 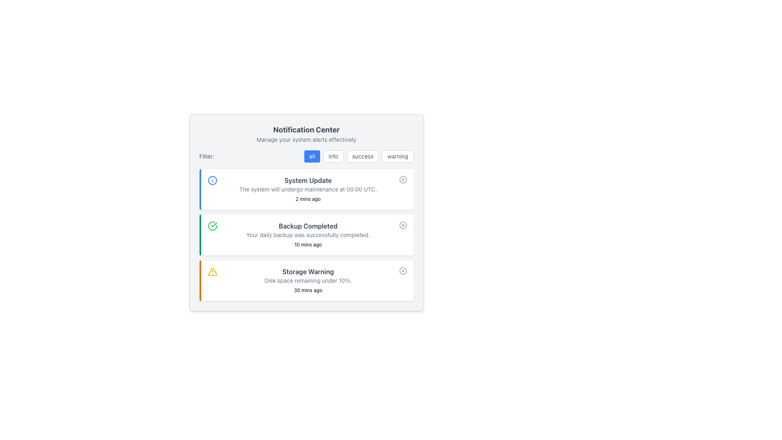 What do you see at coordinates (308, 244) in the screenshot?
I see `the Timestamp label displaying '10 mins ago', which is a small text label in the bottom-right portion of the notification panel` at bounding box center [308, 244].